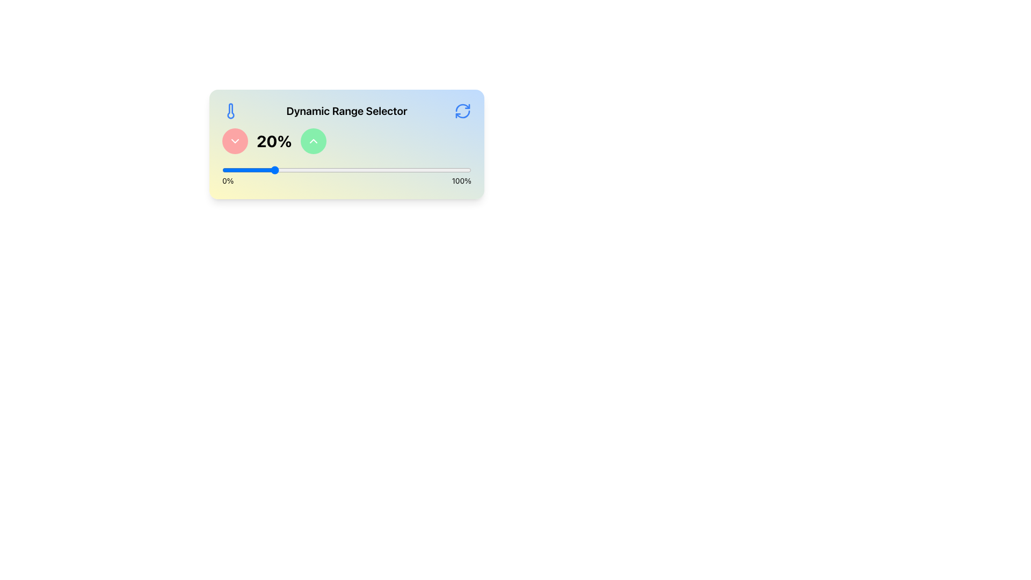  What do you see at coordinates (347, 173) in the screenshot?
I see `the range slider located centrally beneath the numeric value display ('20%')` at bounding box center [347, 173].